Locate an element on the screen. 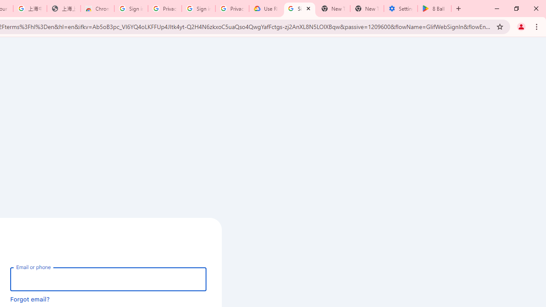 This screenshot has height=307, width=546. '8 Ball Pool - Apps on Google Play' is located at coordinates (434, 9).